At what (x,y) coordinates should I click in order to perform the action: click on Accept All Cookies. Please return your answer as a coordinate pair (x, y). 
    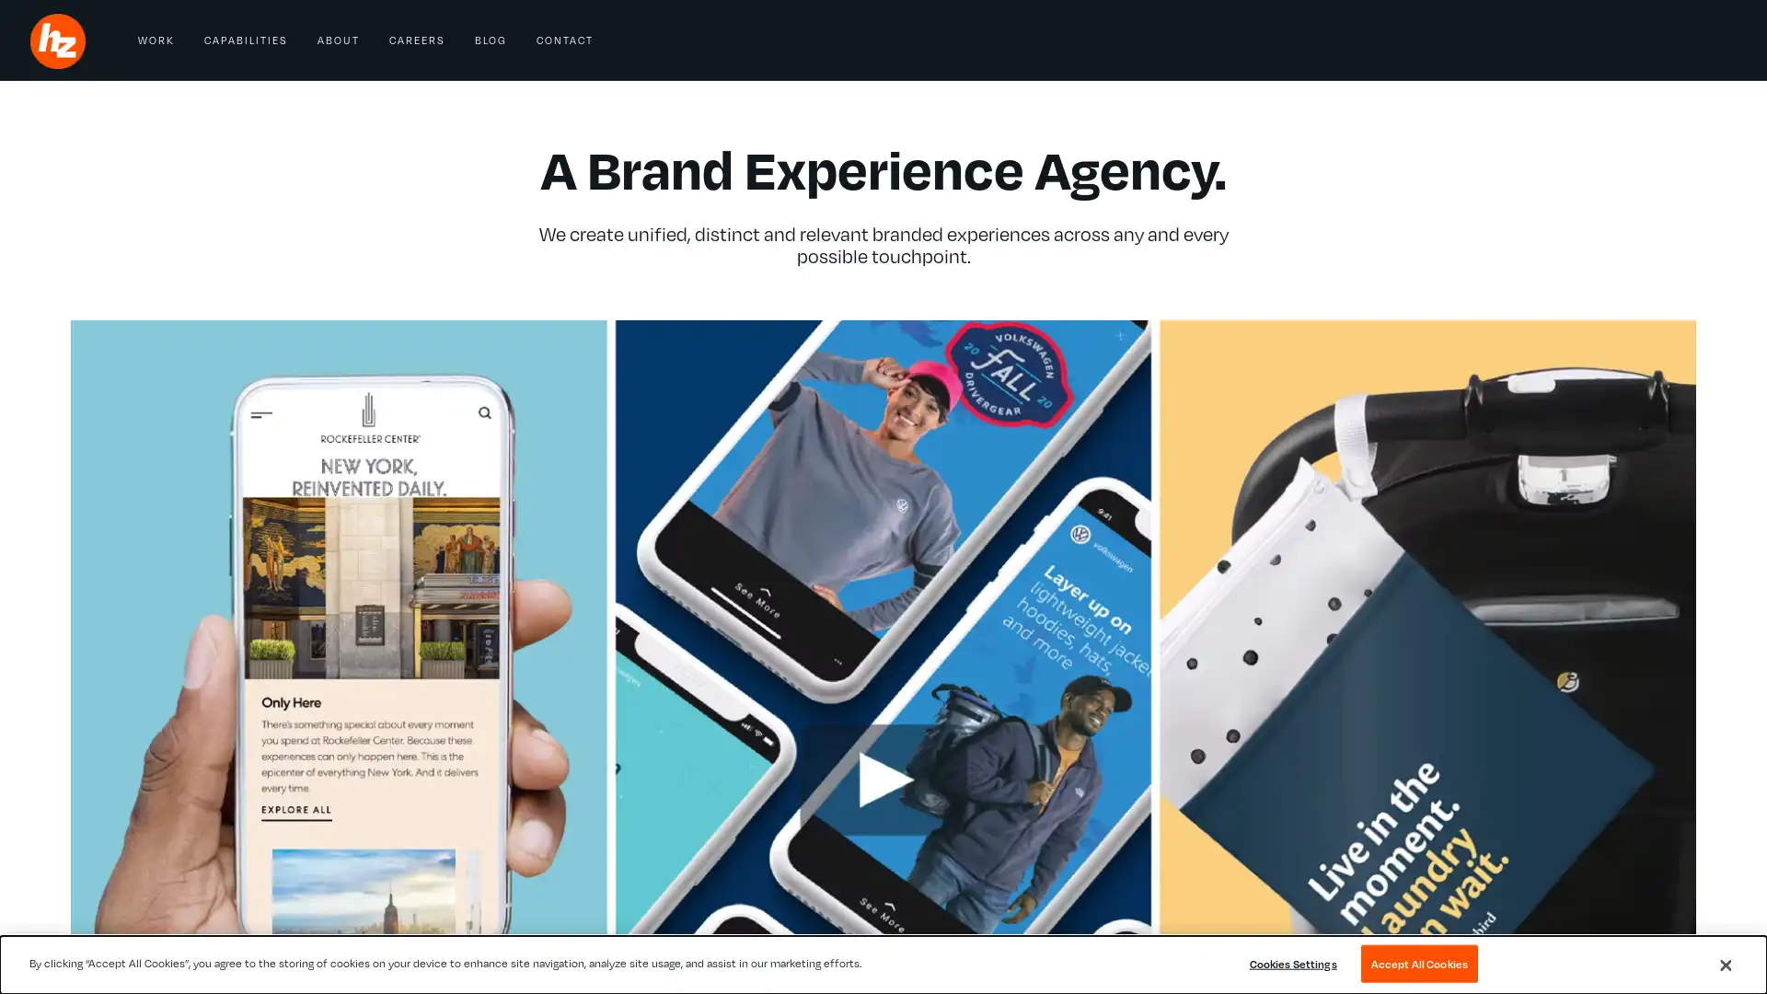
    Looking at the image, I should click on (1417, 962).